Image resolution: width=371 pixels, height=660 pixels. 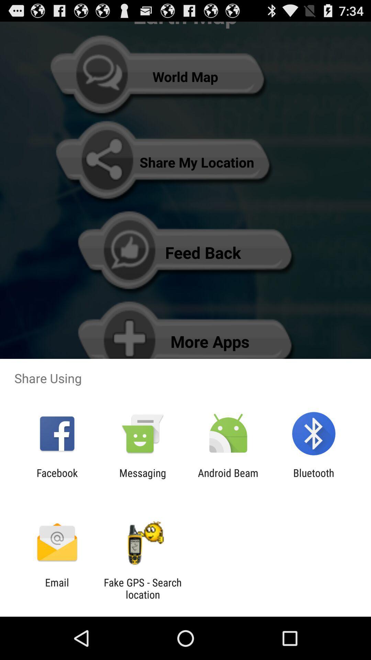 What do you see at coordinates (228, 478) in the screenshot?
I see `the android beam item` at bounding box center [228, 478].